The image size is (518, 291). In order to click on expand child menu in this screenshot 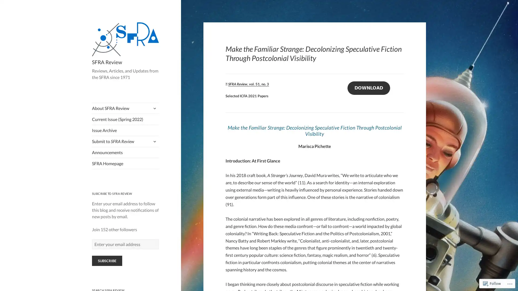, I will do `click(154, 108)`.